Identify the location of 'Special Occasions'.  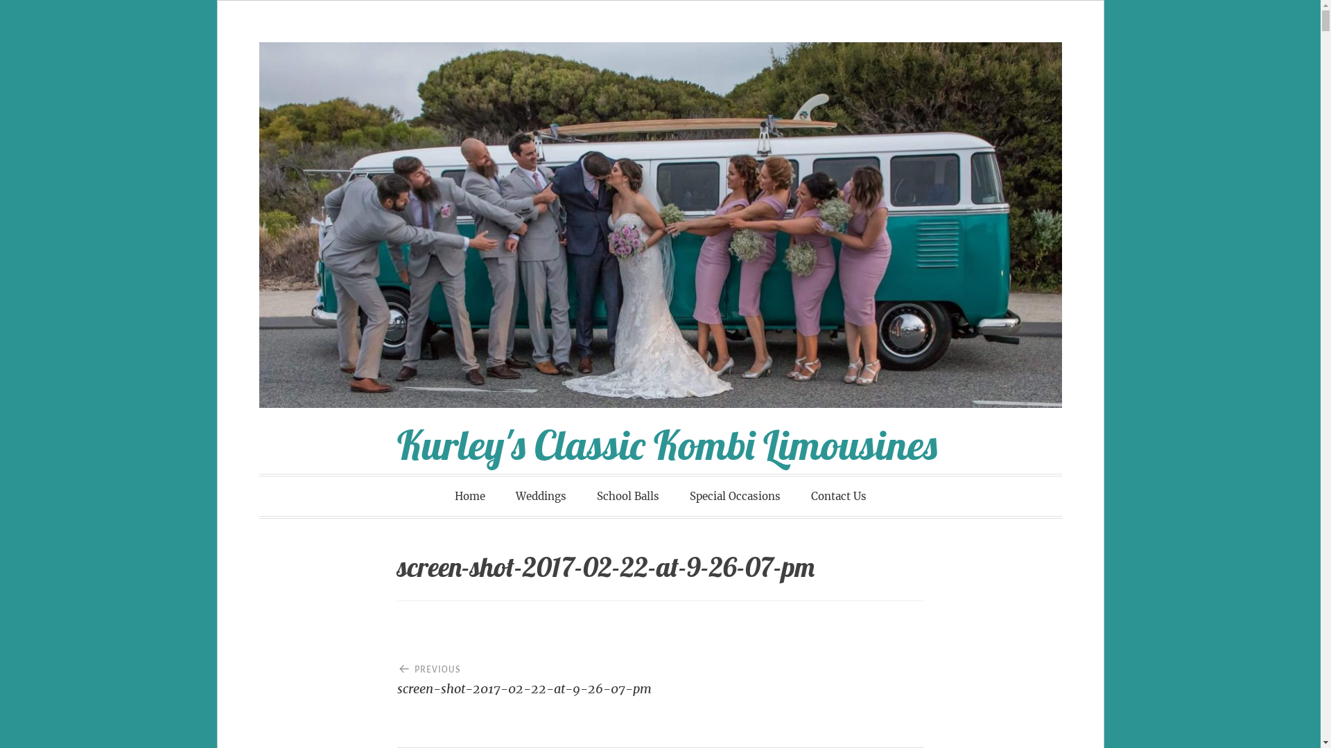
(733, 495).